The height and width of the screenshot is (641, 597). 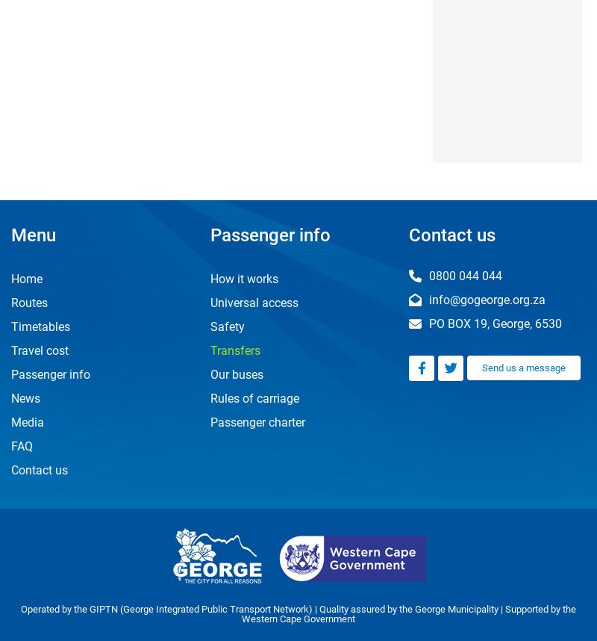 What do you see at coordinates (243, 278) in the screenshot?
I see `'How it works'` at bounding box center [243, 278].